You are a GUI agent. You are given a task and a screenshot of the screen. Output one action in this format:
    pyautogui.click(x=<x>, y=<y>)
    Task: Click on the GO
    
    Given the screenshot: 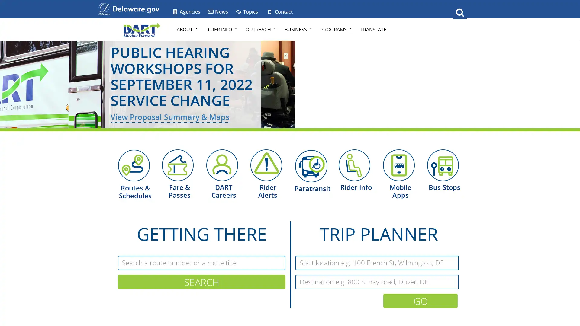 What is the action you would take?
    pyautogui.click(x=420, y=300)
    